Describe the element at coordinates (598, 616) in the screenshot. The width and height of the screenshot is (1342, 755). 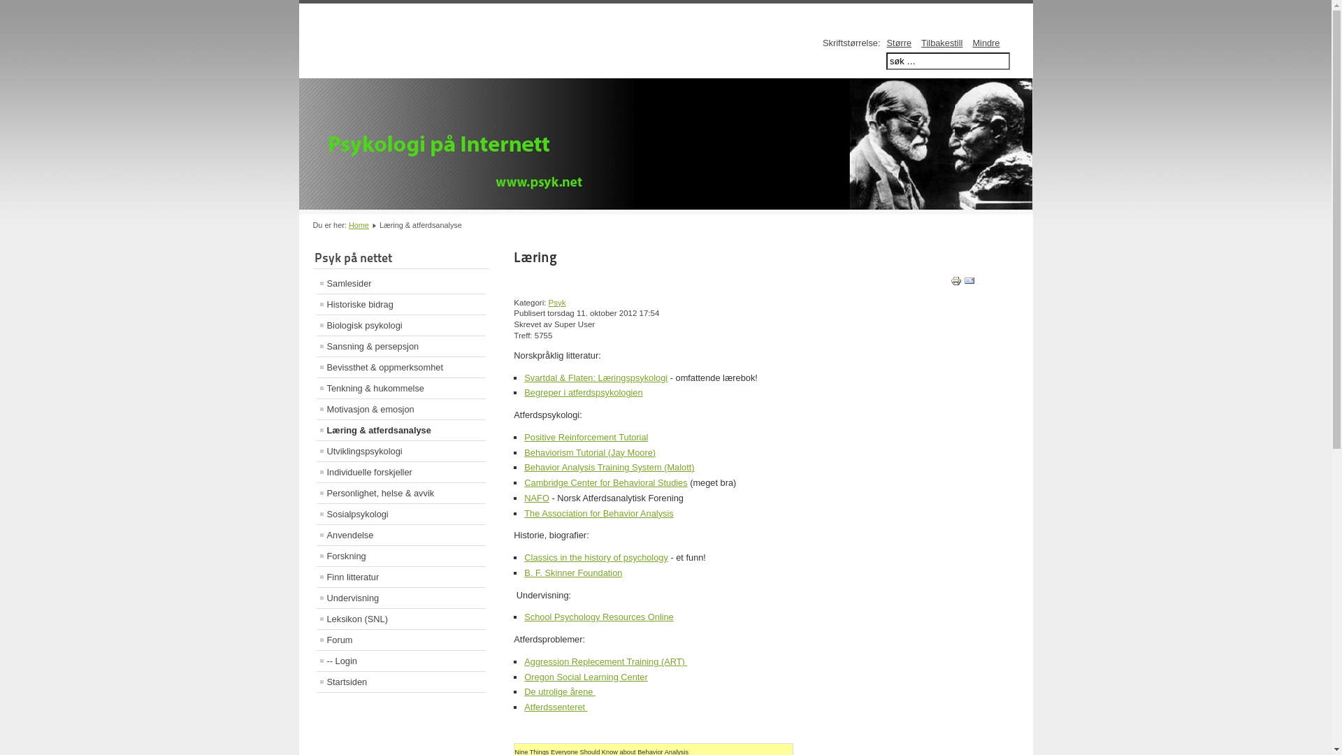
I see `'School Psychology Resources Online'` at that location.